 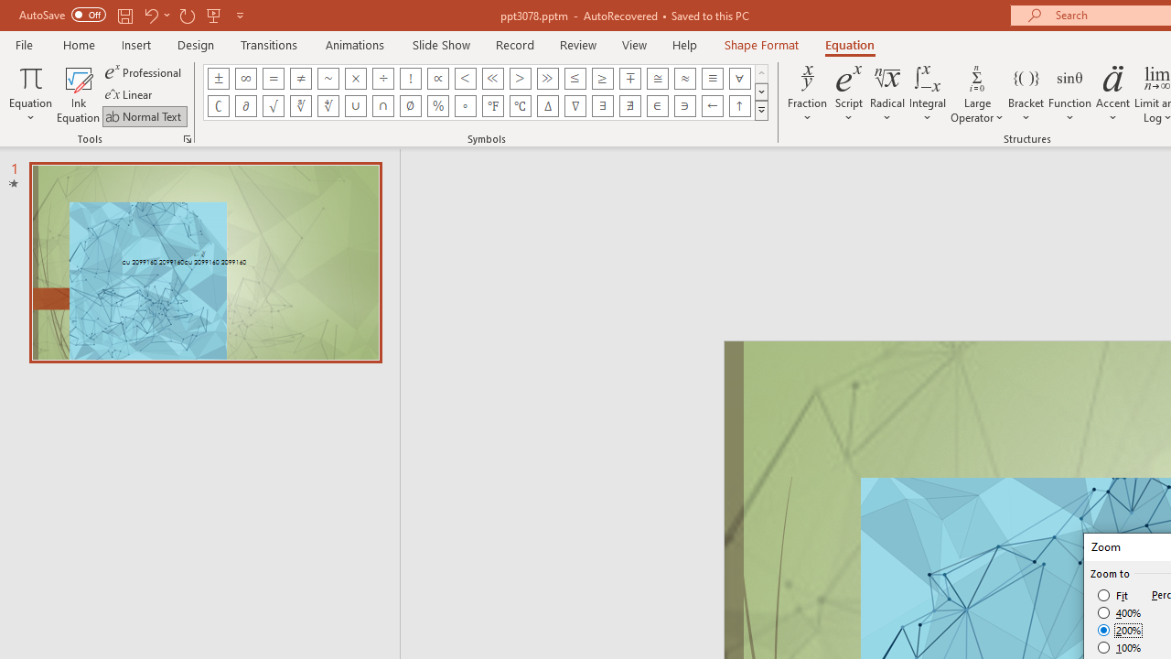 What do you see at coordinates (409, 105) in the screenshot?
I see `'Equation Symbol Empty Set'` at bounding box center [409, 105].